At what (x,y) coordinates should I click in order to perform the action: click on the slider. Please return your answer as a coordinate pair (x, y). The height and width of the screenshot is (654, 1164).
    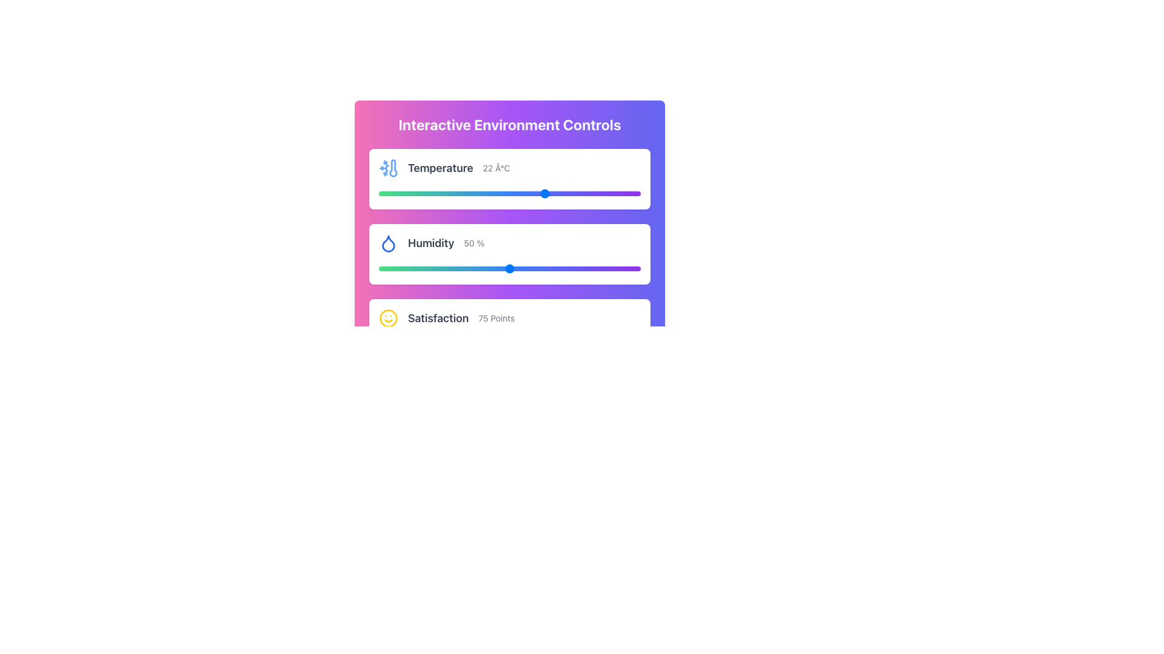
    Looking at the image, I should click on (478, 193).